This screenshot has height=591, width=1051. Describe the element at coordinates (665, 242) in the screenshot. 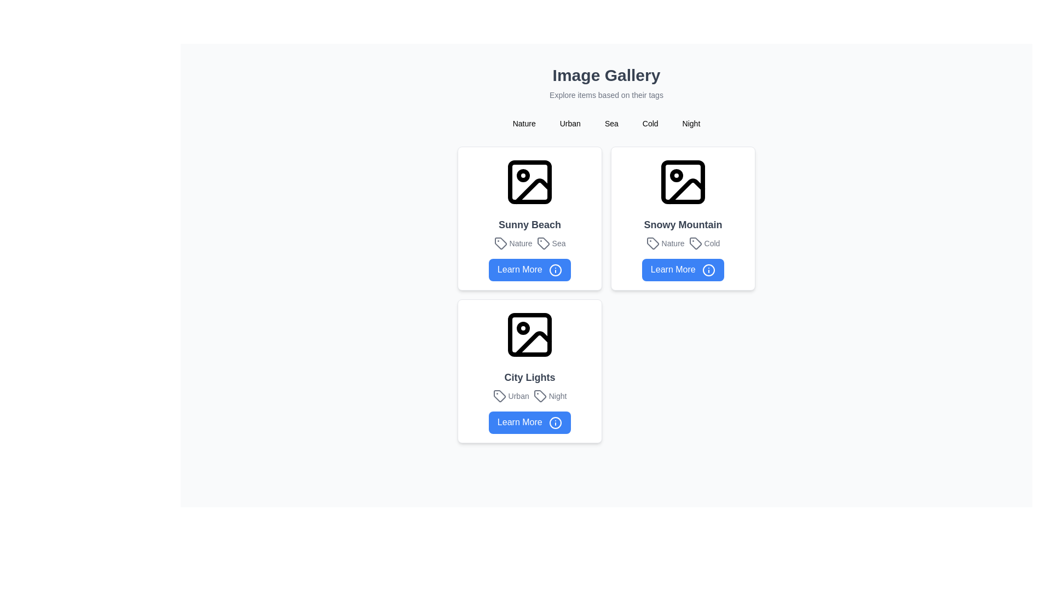

I see `the 'Nature' label, which is a tag descriptor in gray color with an adjacent tag icon, located inside the 'Snowy Mountain' card in the 'Image Gallery' layout` at that location.